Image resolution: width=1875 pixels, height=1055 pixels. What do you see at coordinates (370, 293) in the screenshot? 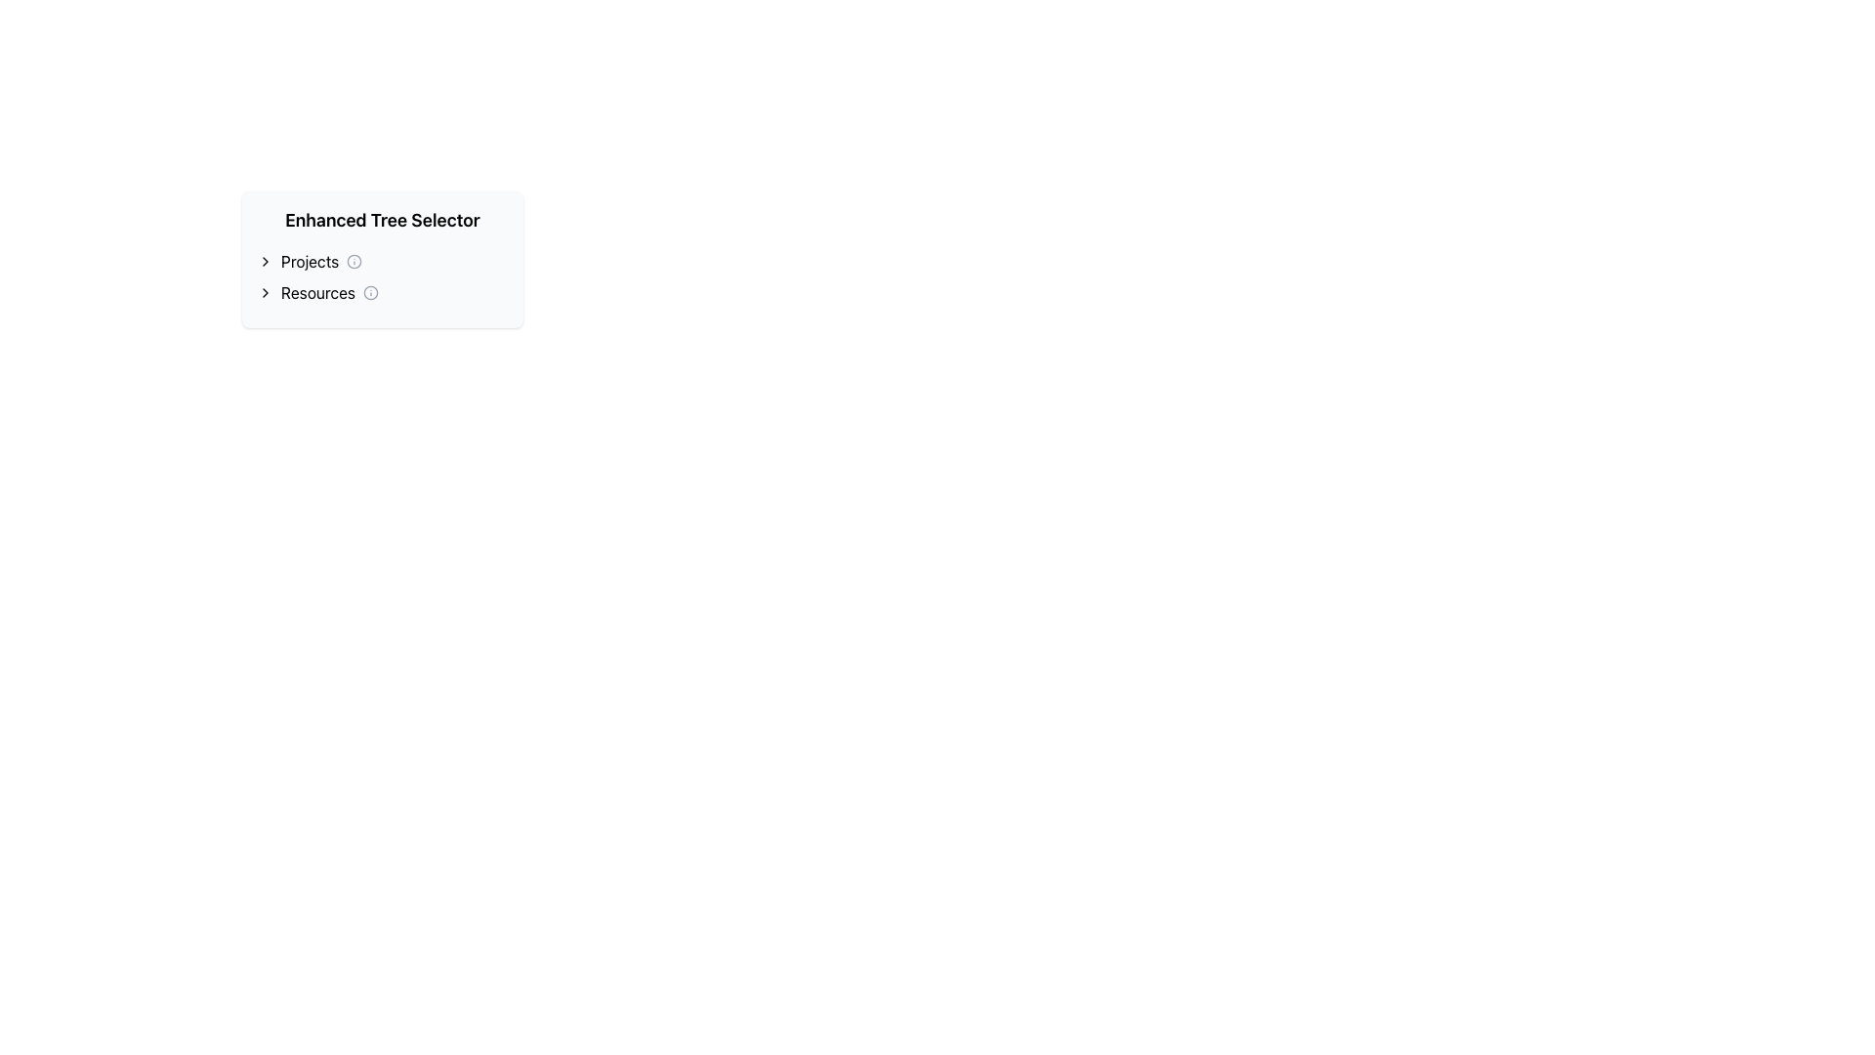
I see `the icon adjacent to the 'Resources' text` at bounding box center [370, 293].